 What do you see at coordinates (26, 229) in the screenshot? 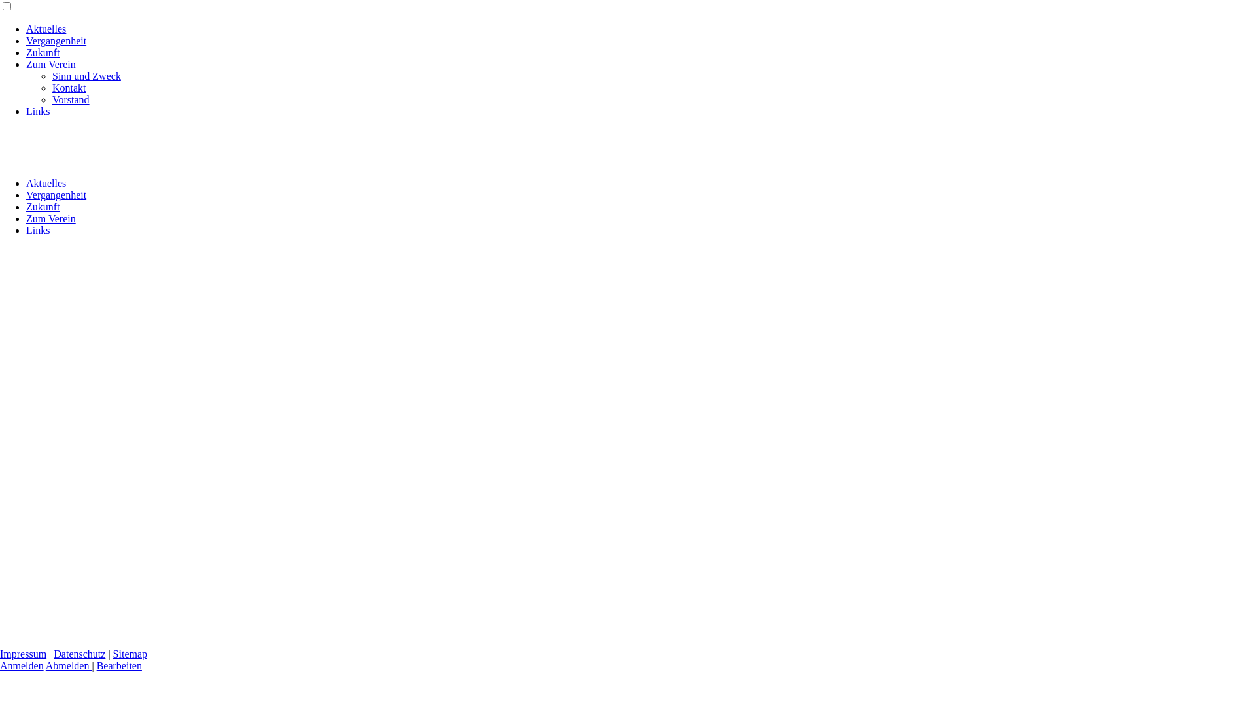
I see `'Links'` at bounding box center [26, 229].